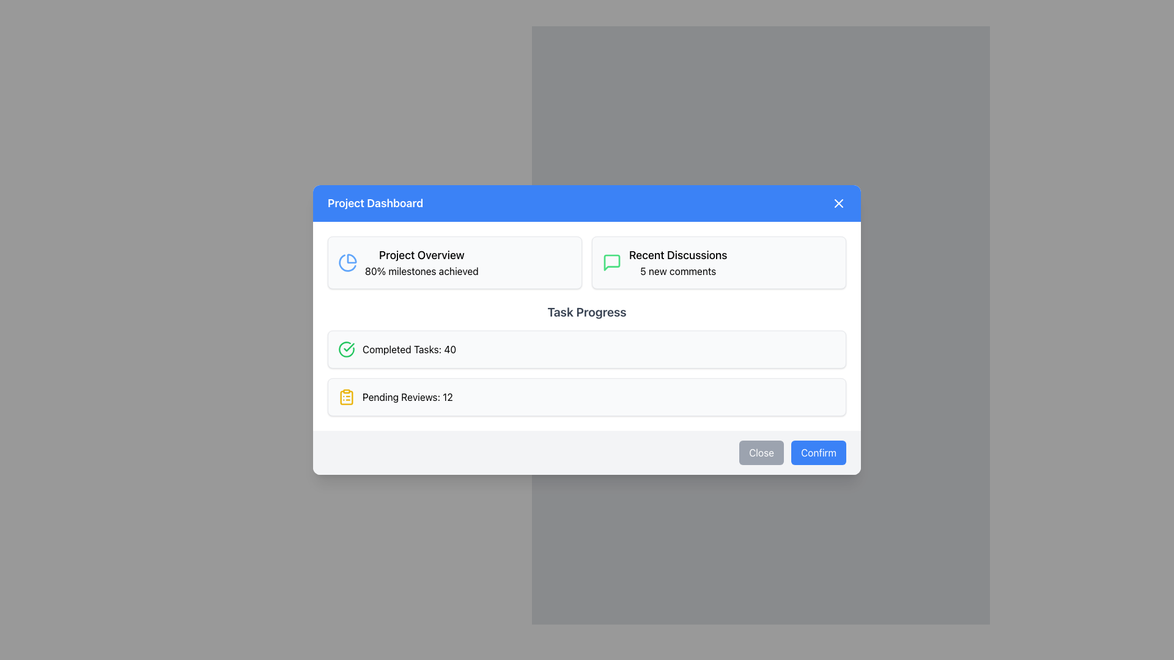  I want to click on the green circular icon with a checkmark inside, which is located to the left of the text 'Completed Tasks: 40' in the 'Task Progress' section, so click(345, 349).